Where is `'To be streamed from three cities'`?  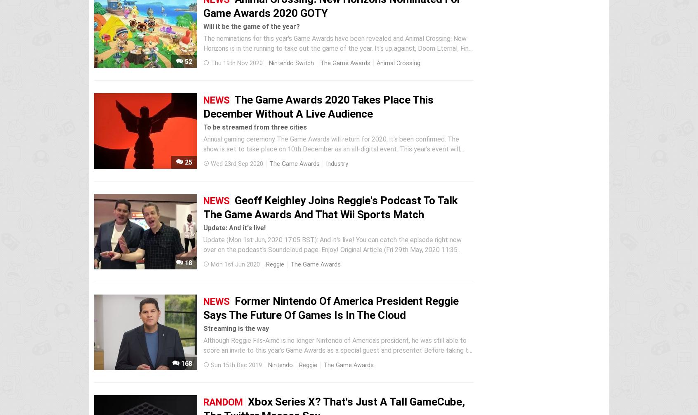
'To be streamed from three cities' is located at coordinates (255, 127).